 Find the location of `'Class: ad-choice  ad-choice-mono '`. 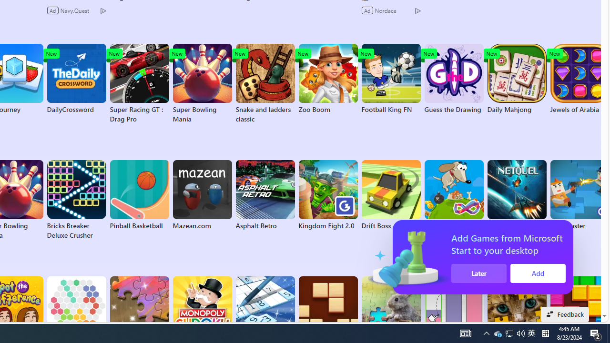

'Class: ad-choice  ad-choice-mono ' is located at coordinates (417, 10).